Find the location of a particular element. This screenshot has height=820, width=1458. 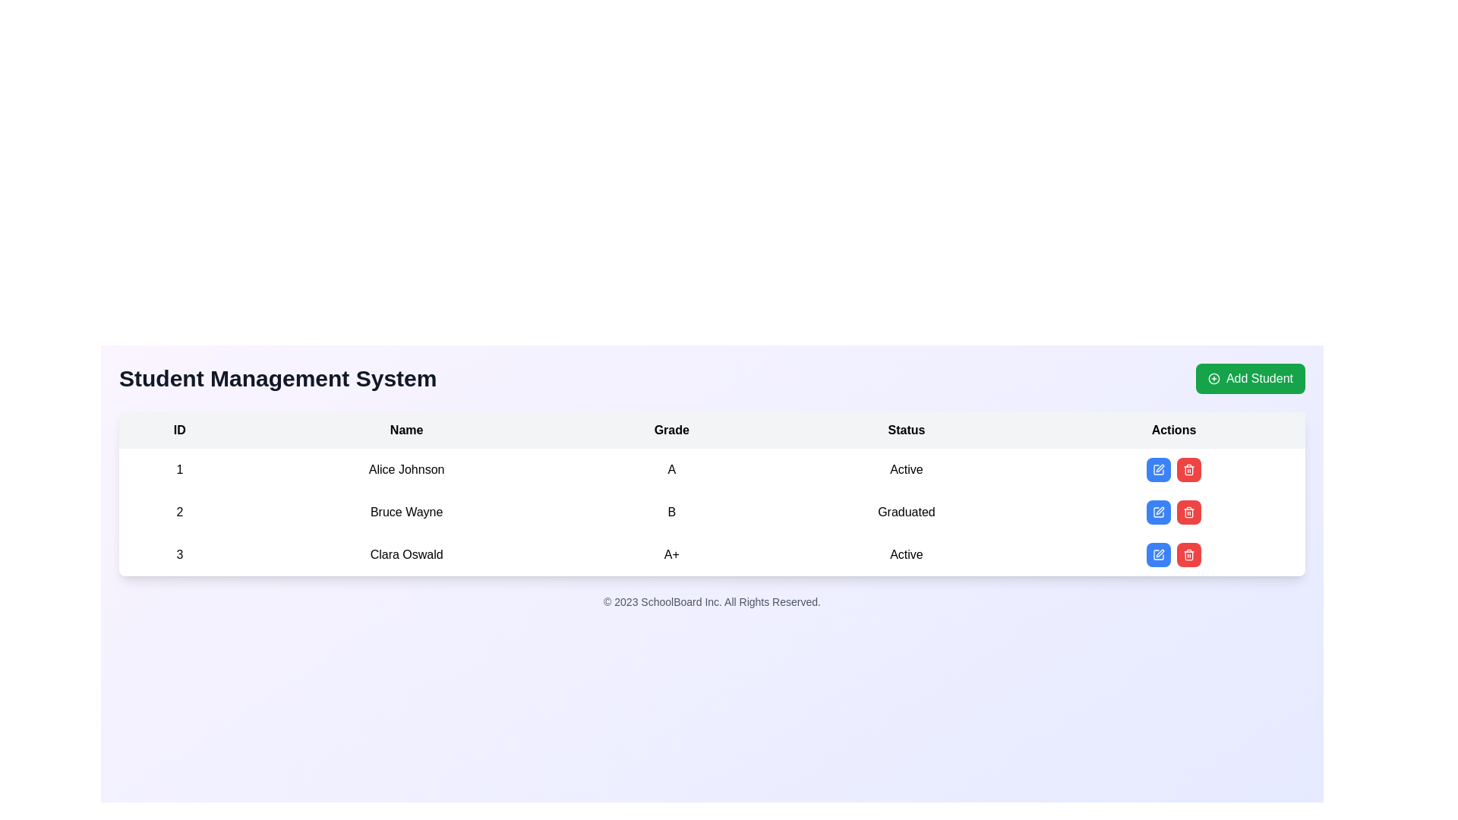

the non-interactive text element displaying the name 'Clara Oswald' in the third row of the table under the 'Name' column is located at coordinates (406, 555).